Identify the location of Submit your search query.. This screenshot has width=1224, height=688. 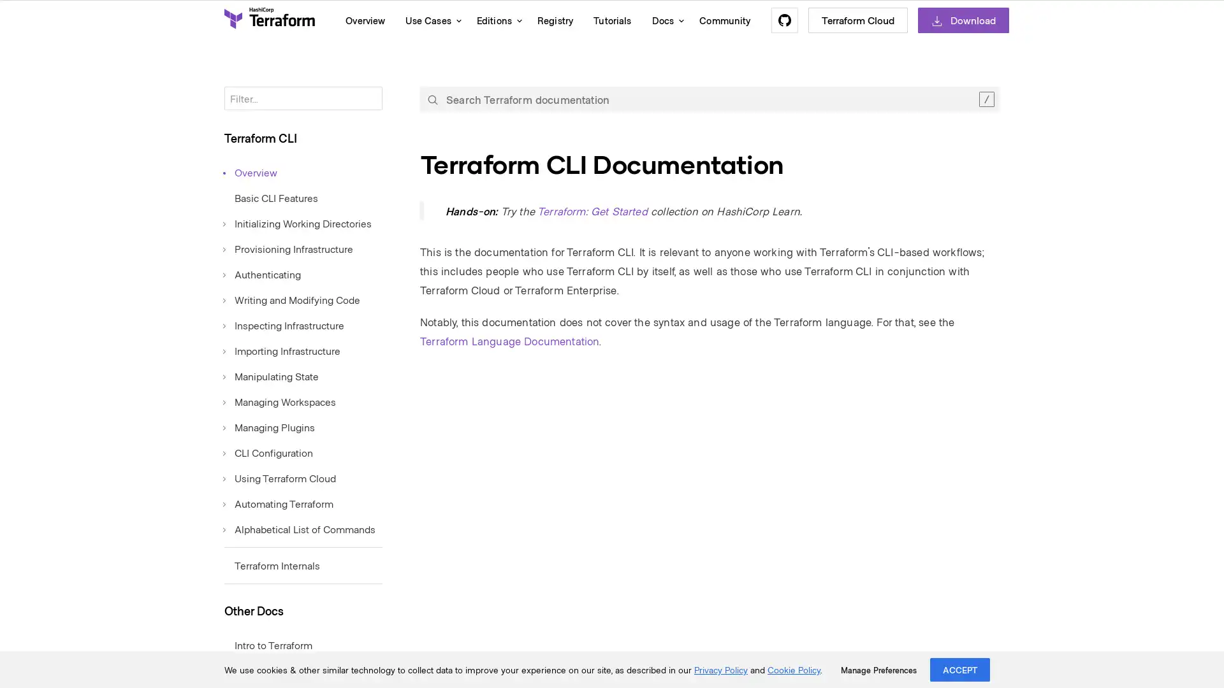
(432, 98).